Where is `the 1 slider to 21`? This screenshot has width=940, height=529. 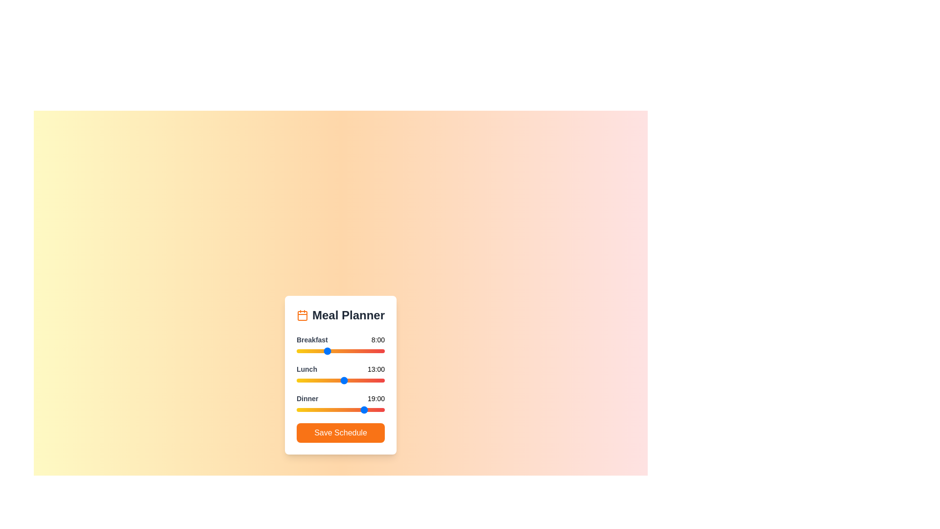 the 1 slider to 21 is located at coordinates (373, 380).